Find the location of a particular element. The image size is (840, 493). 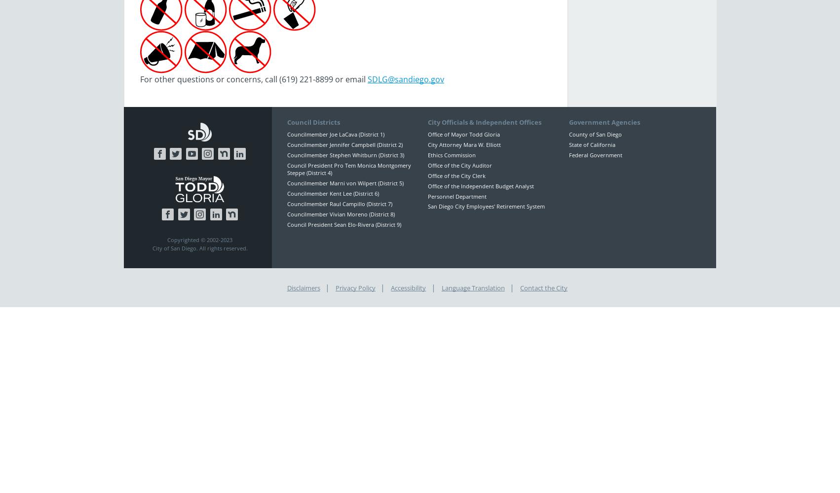

'Councilmember Jennifer Campbell (District 2)' is located at coordinates (344, 144).